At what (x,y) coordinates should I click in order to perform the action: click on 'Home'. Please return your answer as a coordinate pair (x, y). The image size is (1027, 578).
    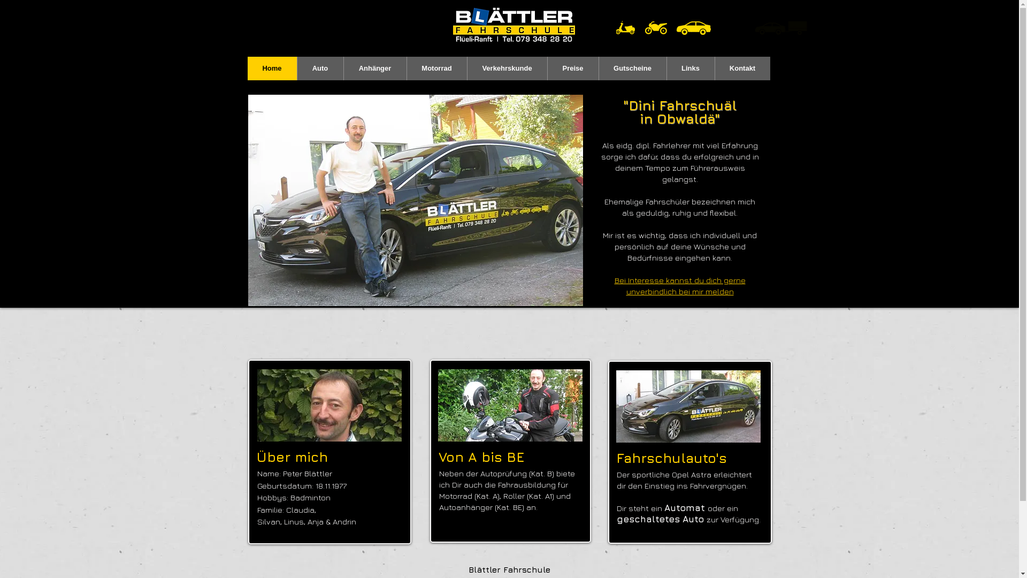
    Looking at the image, I should click on (272, 68).